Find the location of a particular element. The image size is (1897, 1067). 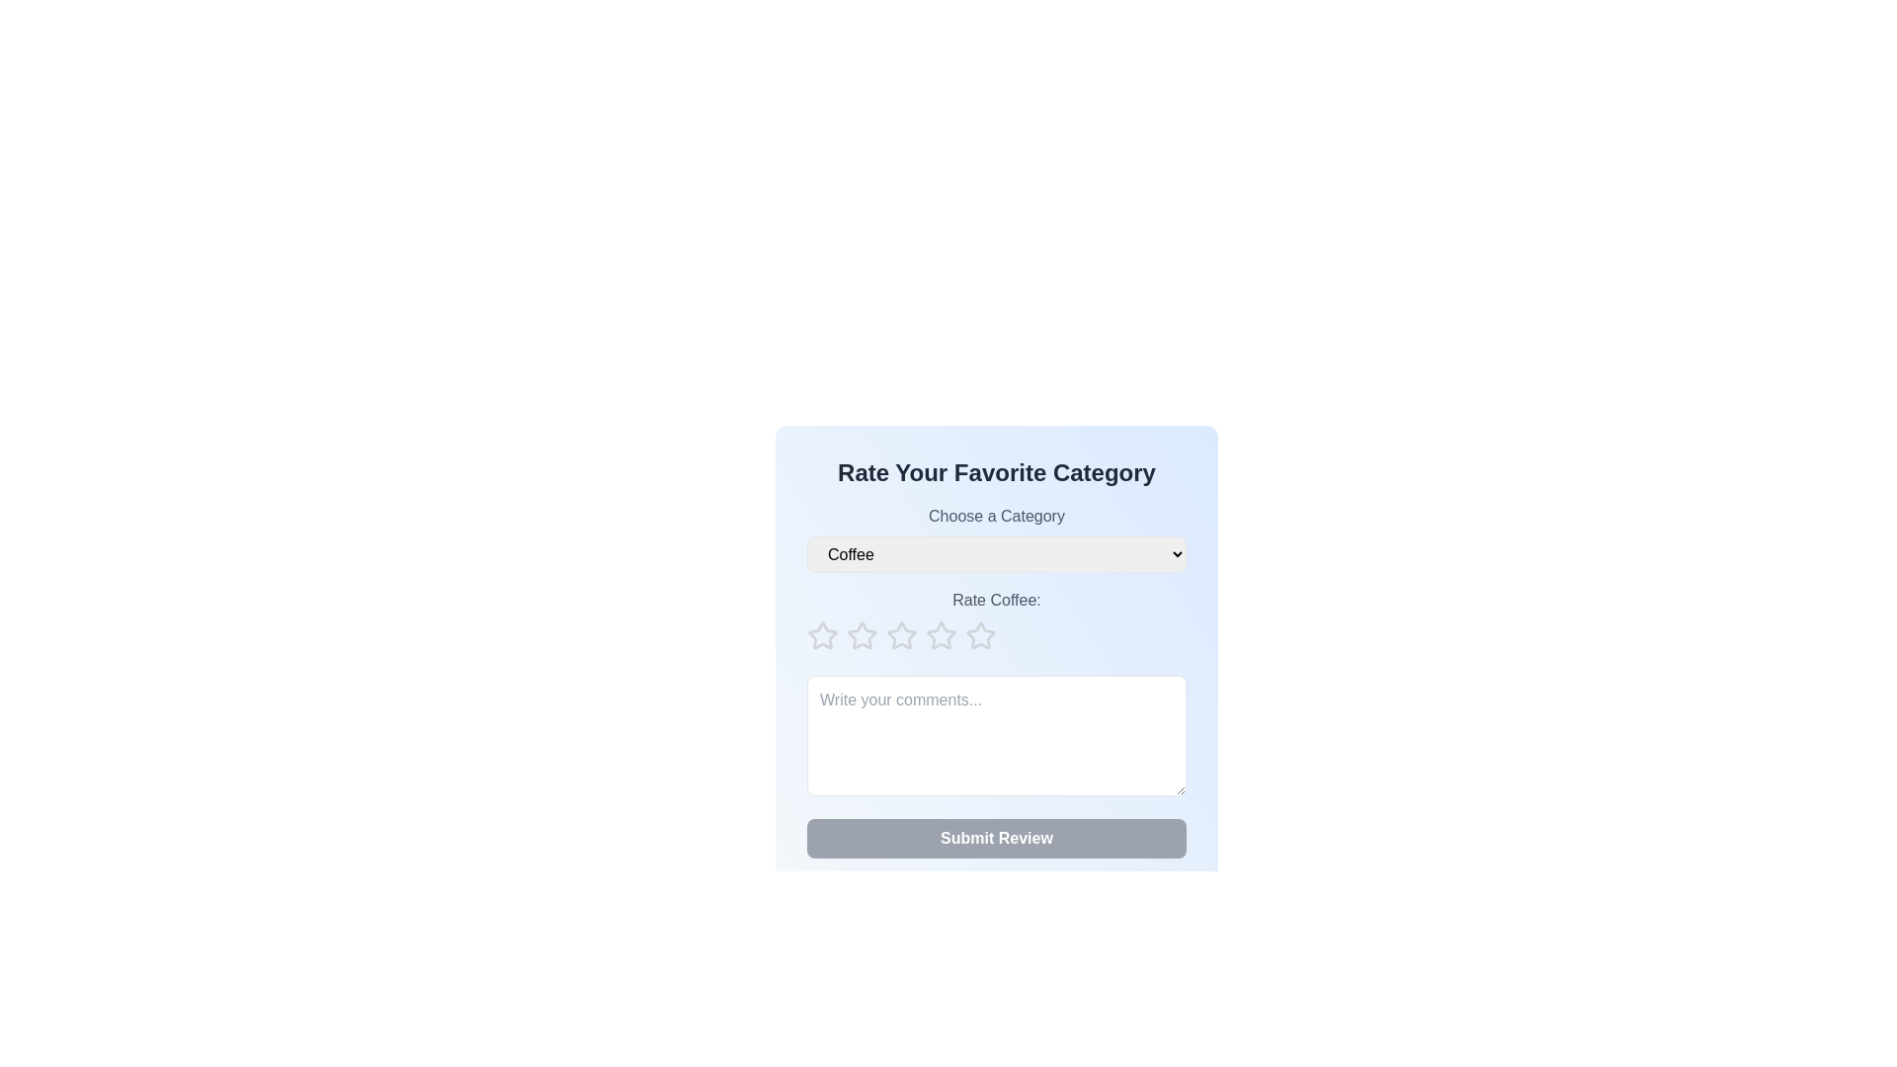

the first star-shaped rating icon under the heading 'Rate Coffee:' is located at coordinates (862, 635).